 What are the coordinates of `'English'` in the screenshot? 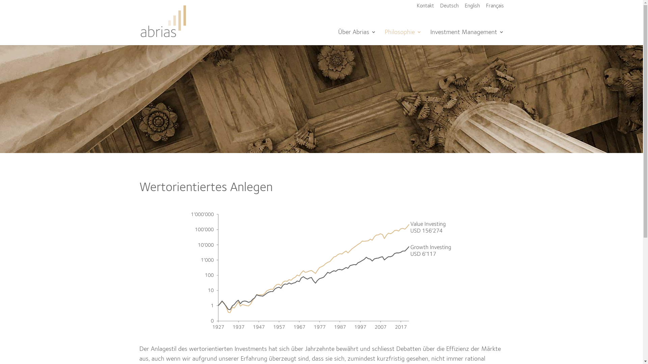 It's located at (471, 8).